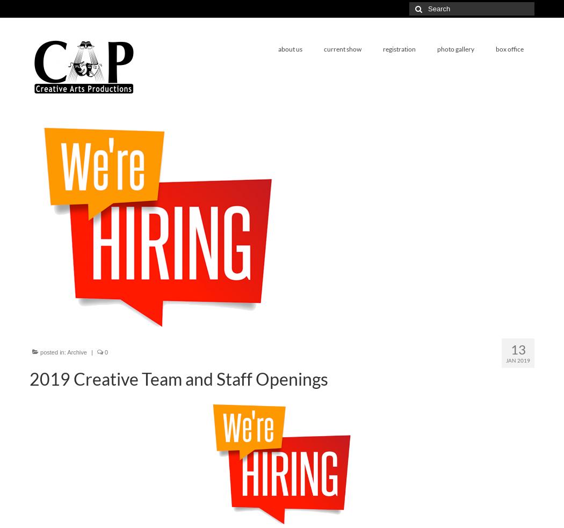 The height and width of the screenshot is (528, 564). I want to click on '2019 Creative Team and Staff Openings', so click(178, 378).